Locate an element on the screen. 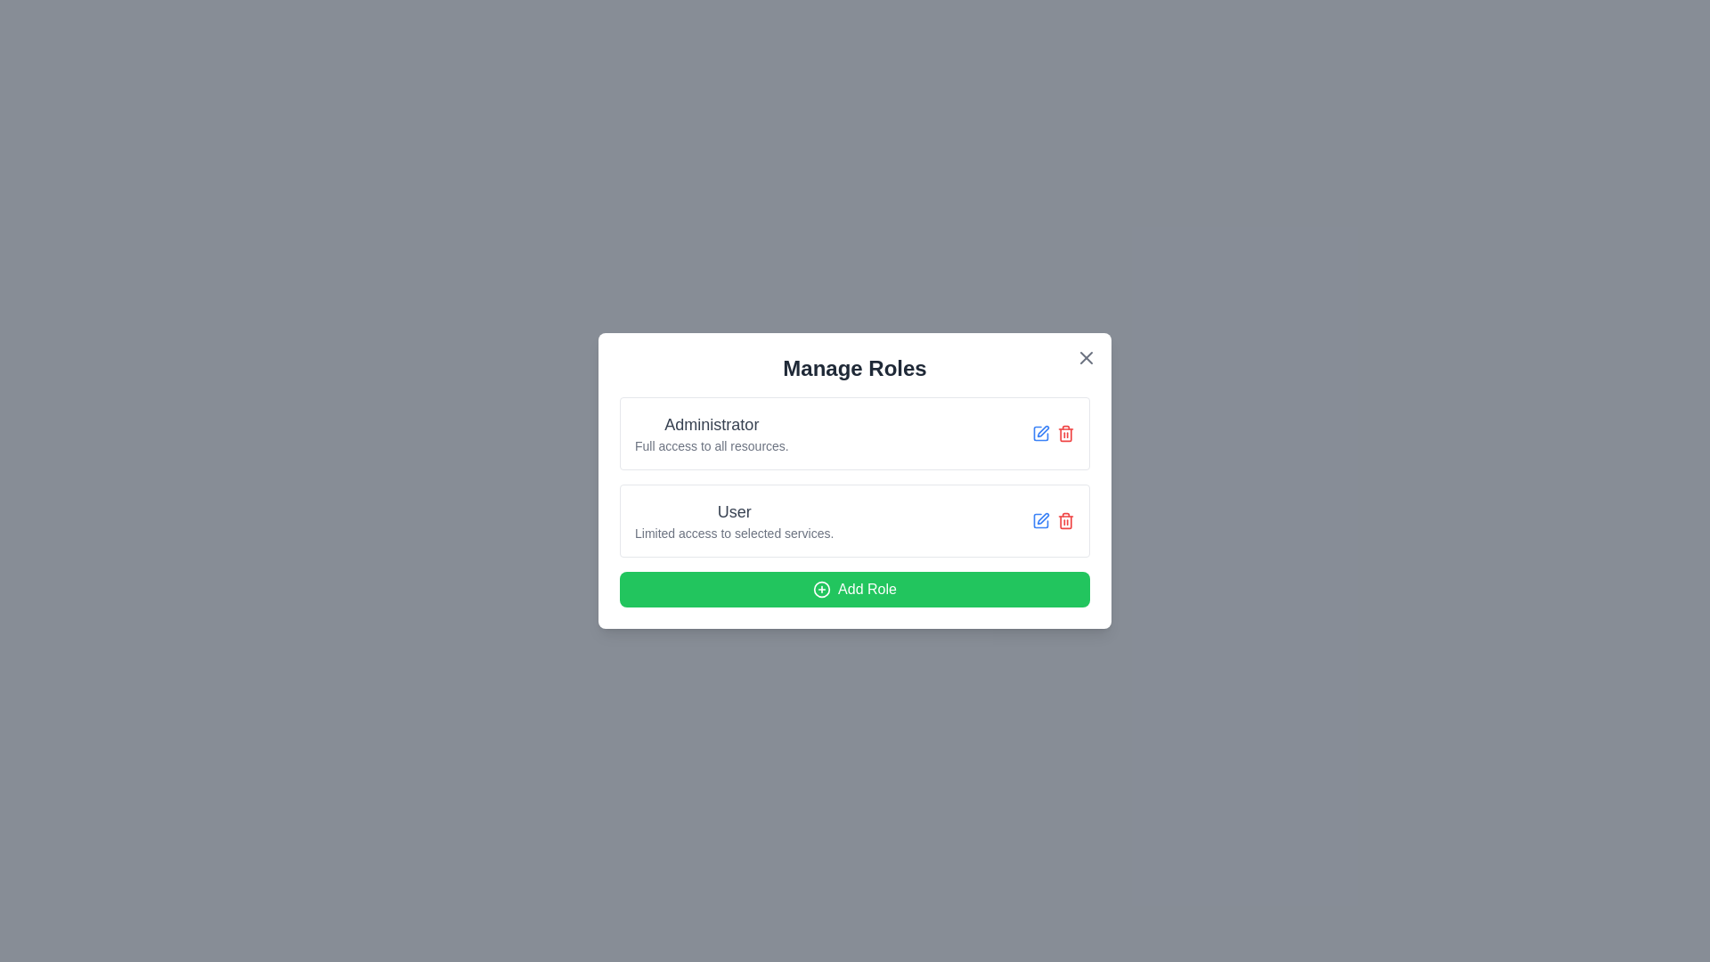  the square-like SVG icon located to the right of the 'User' role in the Manage Roles modal is located at coordinates (1041, 521).